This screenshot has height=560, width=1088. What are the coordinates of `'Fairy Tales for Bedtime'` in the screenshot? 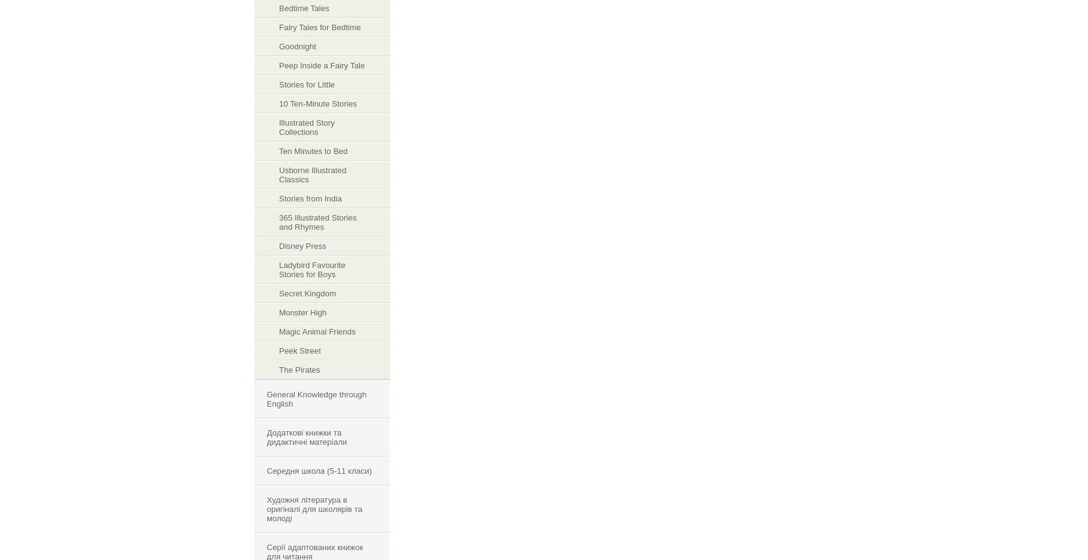 It's located at (320, 27).